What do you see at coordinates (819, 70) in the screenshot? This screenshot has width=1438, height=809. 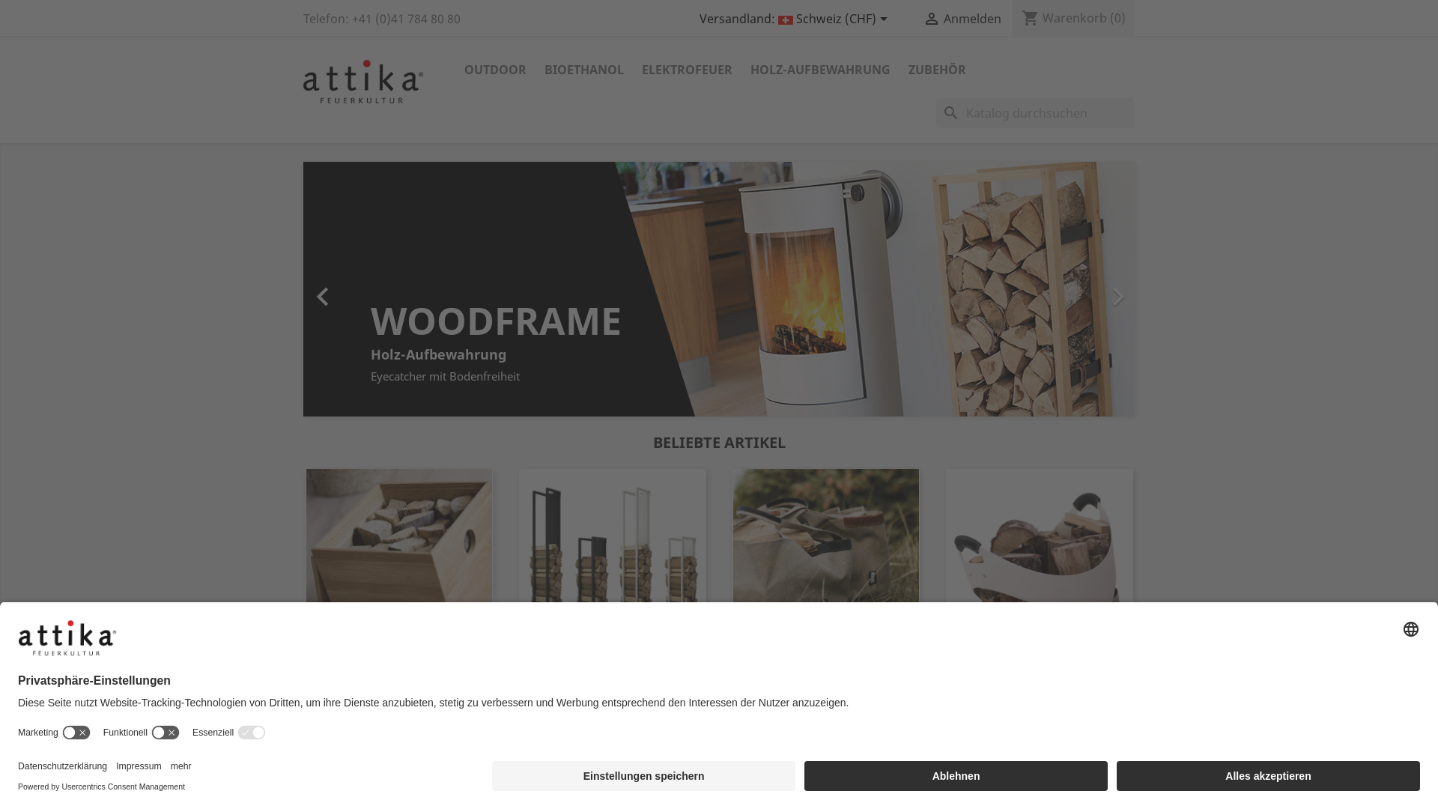 I see `'HOLZ-AUFBEWAHRUNG'` at bounding box center [819, 70].